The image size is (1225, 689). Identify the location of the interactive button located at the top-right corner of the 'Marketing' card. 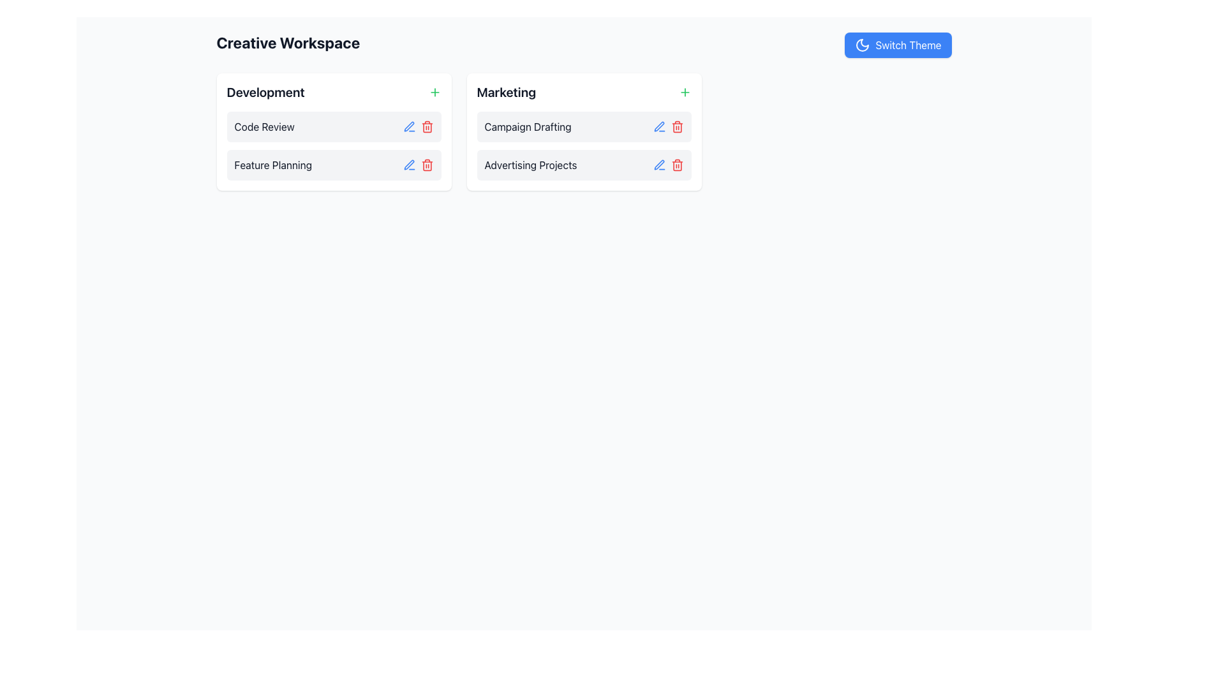
(684, 92).